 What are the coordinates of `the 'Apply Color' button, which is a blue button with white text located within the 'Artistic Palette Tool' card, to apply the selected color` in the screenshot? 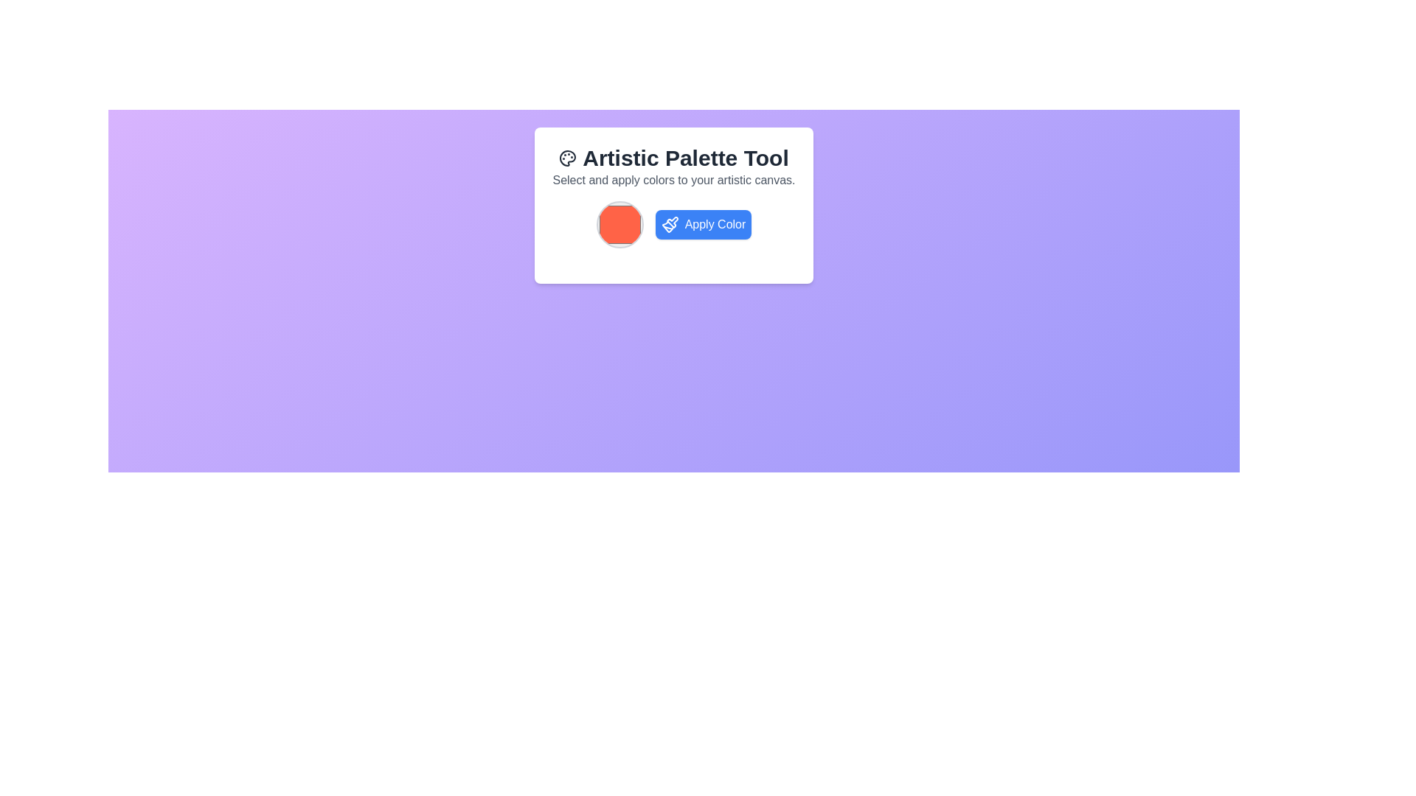 It's located at (673, 224).